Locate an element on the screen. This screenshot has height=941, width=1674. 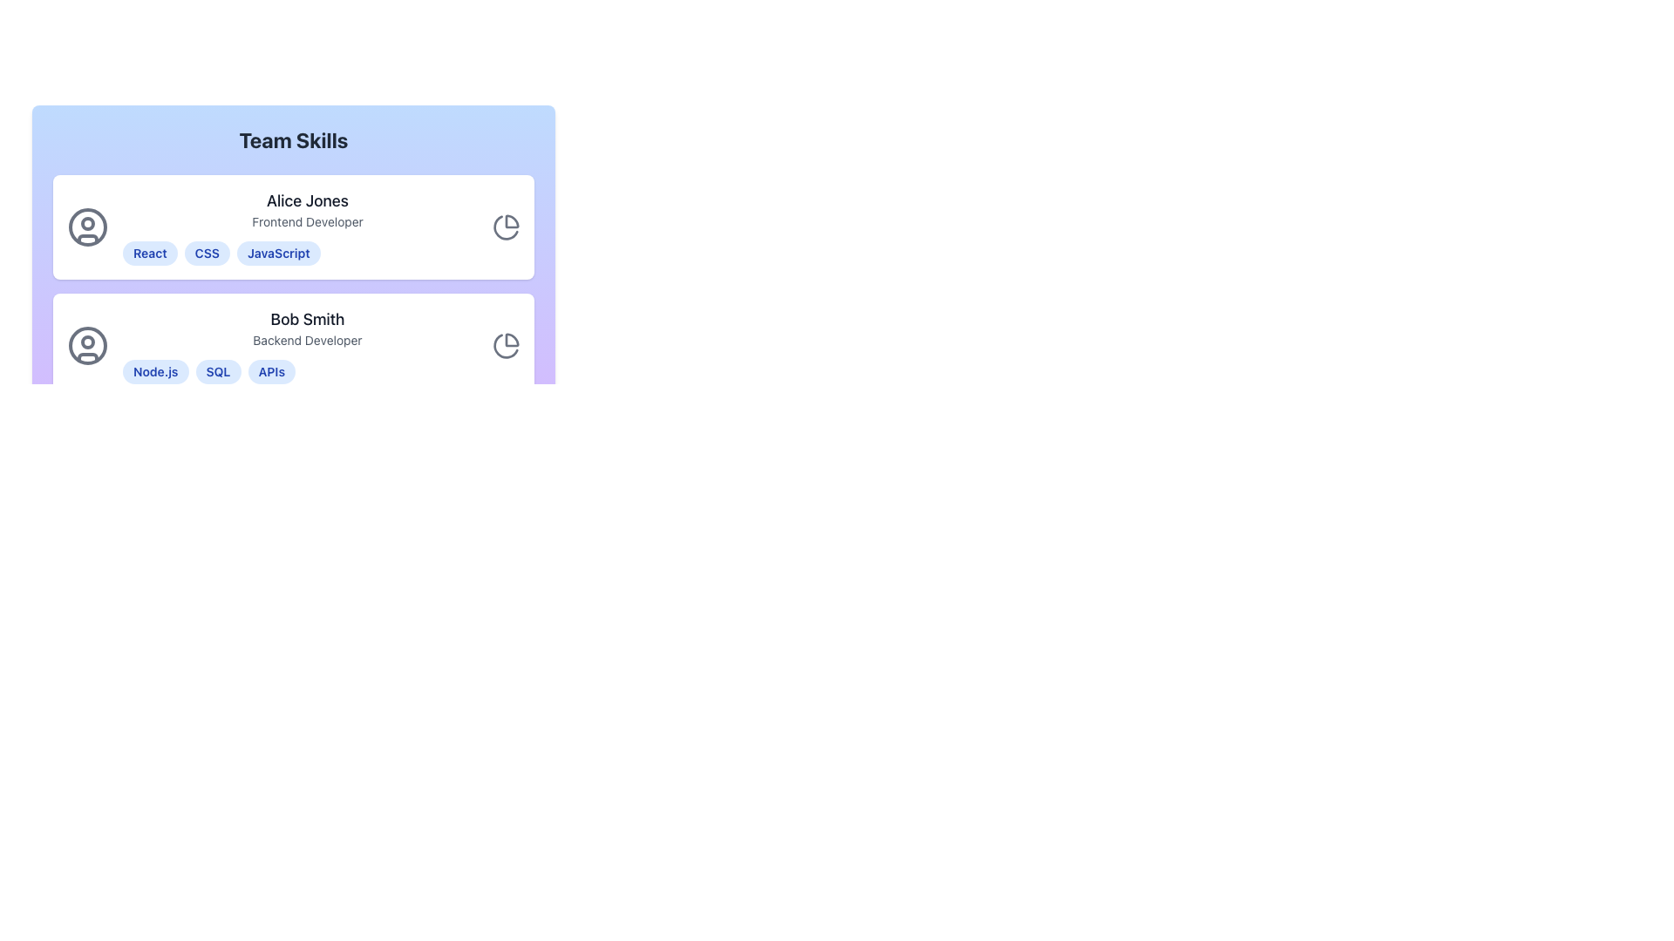
the central circular component of the user profile icon in the lower user's profile section, located to the left of 'Bob Smith - Backend Developer' is located at coordinates (86, 346).